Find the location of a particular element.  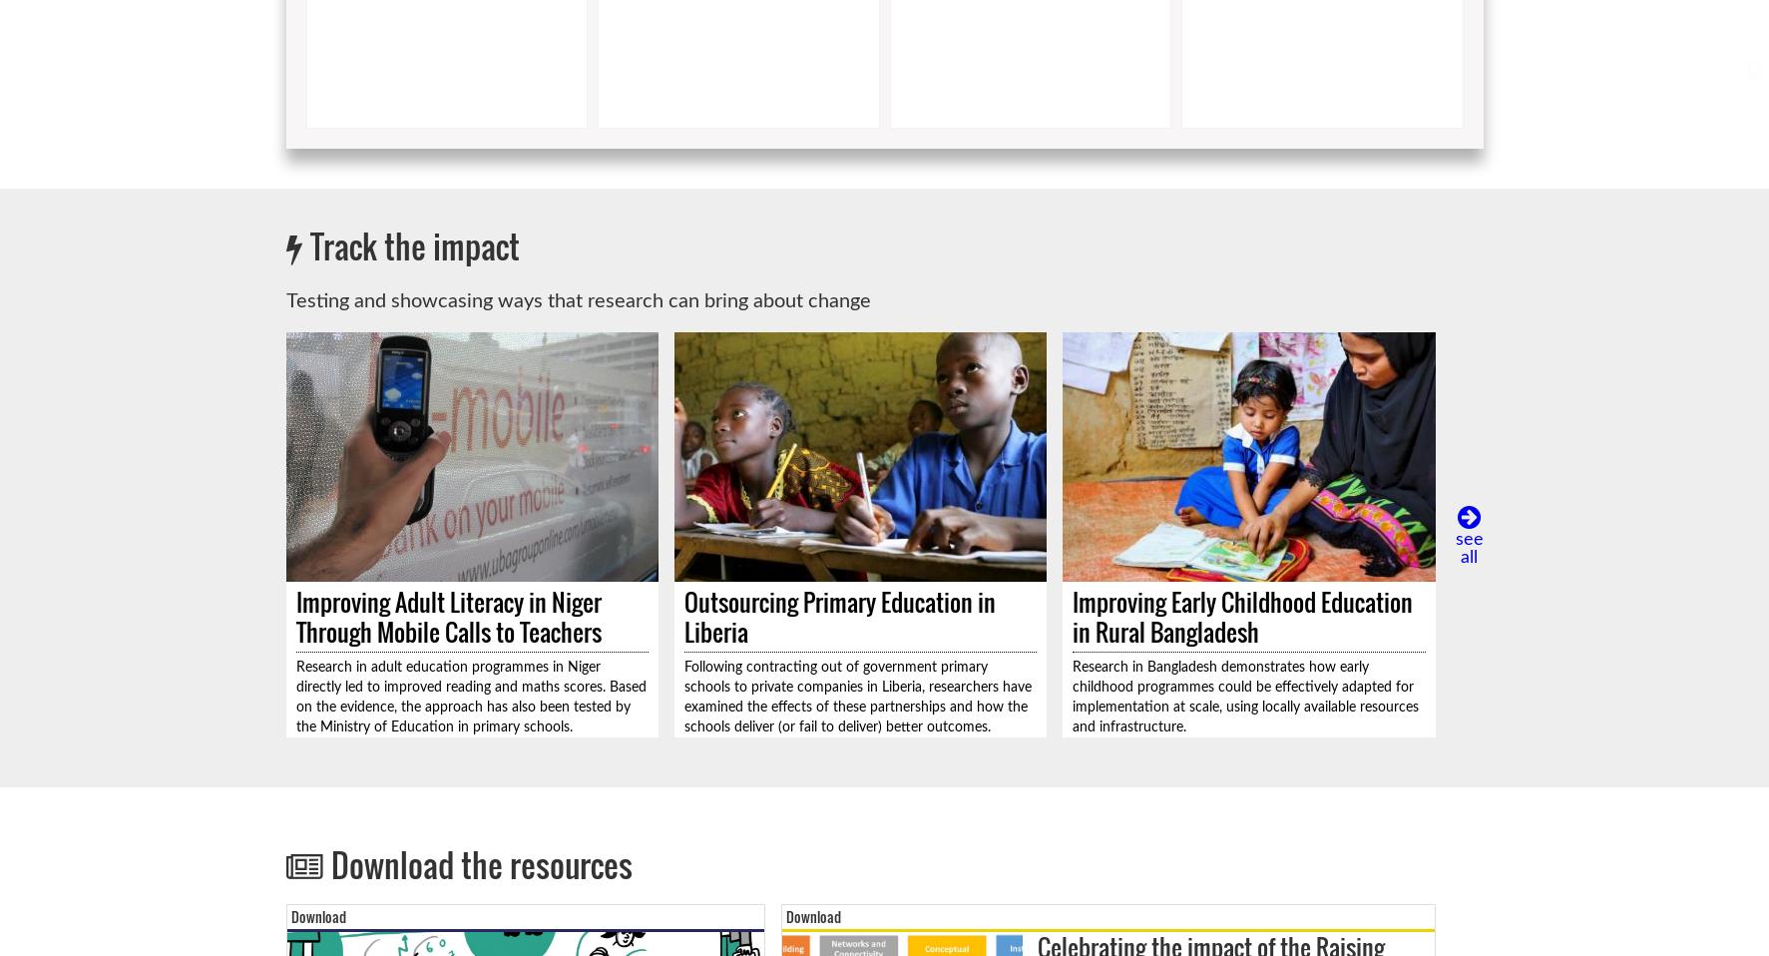

'Outsourcing Primary Education in Liberia' is located at coordinates (837, 617).